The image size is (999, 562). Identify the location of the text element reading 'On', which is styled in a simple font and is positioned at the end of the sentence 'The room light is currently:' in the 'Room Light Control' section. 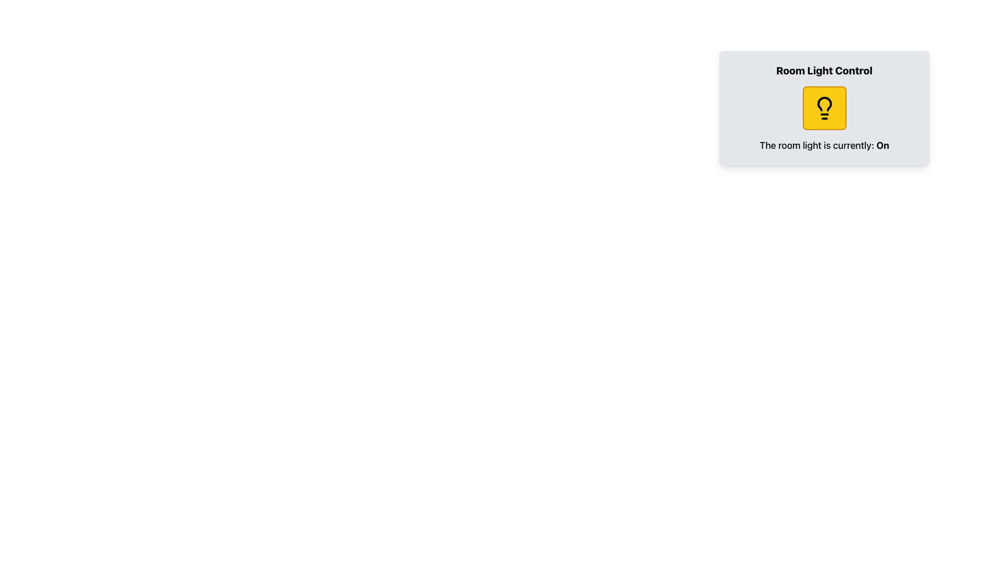
(882, 145).